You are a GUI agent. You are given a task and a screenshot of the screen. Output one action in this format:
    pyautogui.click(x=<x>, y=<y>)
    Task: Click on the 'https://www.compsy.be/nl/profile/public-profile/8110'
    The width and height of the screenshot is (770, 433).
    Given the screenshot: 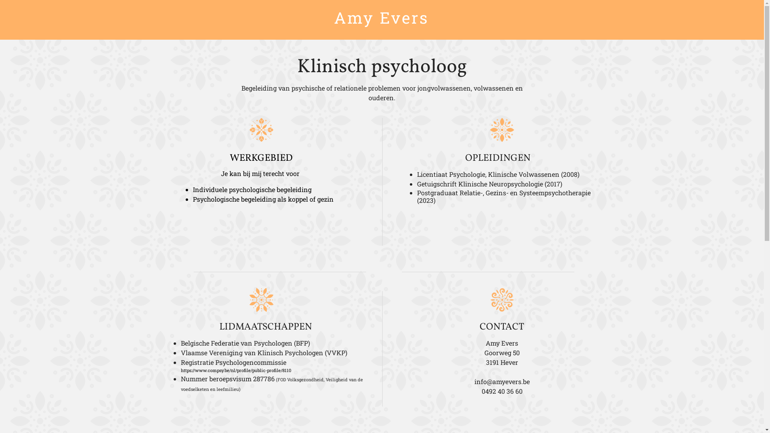 What is the action you would take?
    pyautogui.click(x=180, y=370)
    